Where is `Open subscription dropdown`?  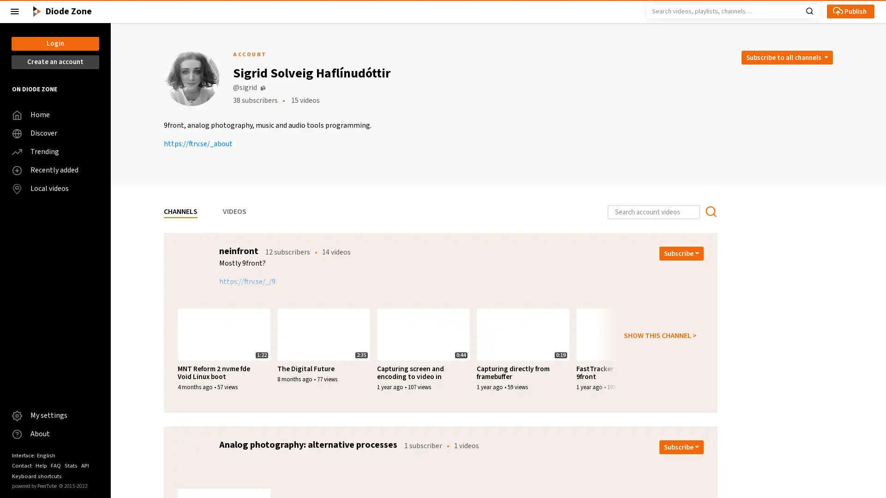 Open subscription dropdown is located at coordinates (682, 446).